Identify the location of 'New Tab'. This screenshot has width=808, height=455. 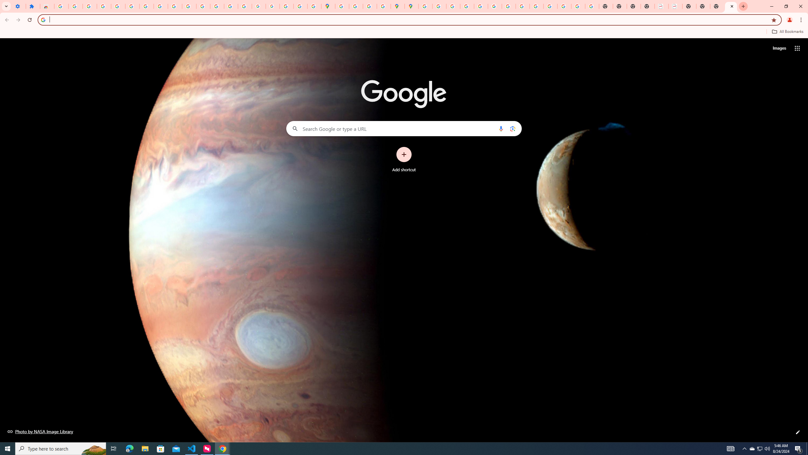
(717, 6).